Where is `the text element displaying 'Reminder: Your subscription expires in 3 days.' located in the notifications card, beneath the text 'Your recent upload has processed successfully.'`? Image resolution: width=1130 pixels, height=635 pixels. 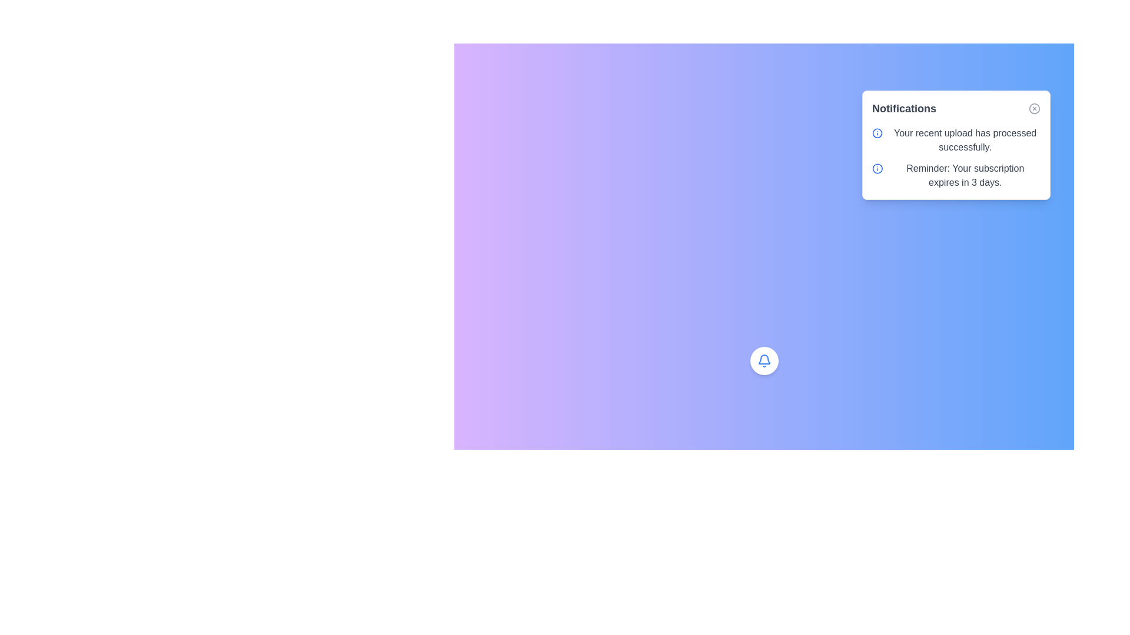
the text element displaying 'Reminder: Your subscription expires in 3 days.' located in the notifications card, beneath the text 'Your recent upload has processed successfully.' is located at coordinates (965, 176).